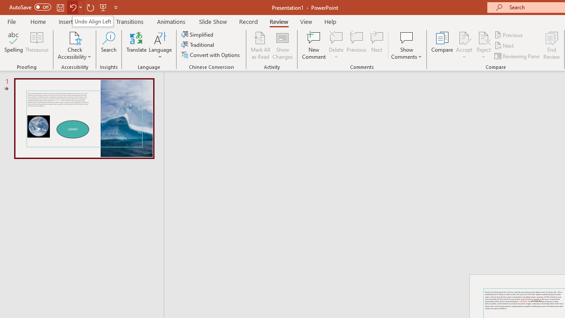  I want to click on 'Check Accessibility', so click(75, 37).